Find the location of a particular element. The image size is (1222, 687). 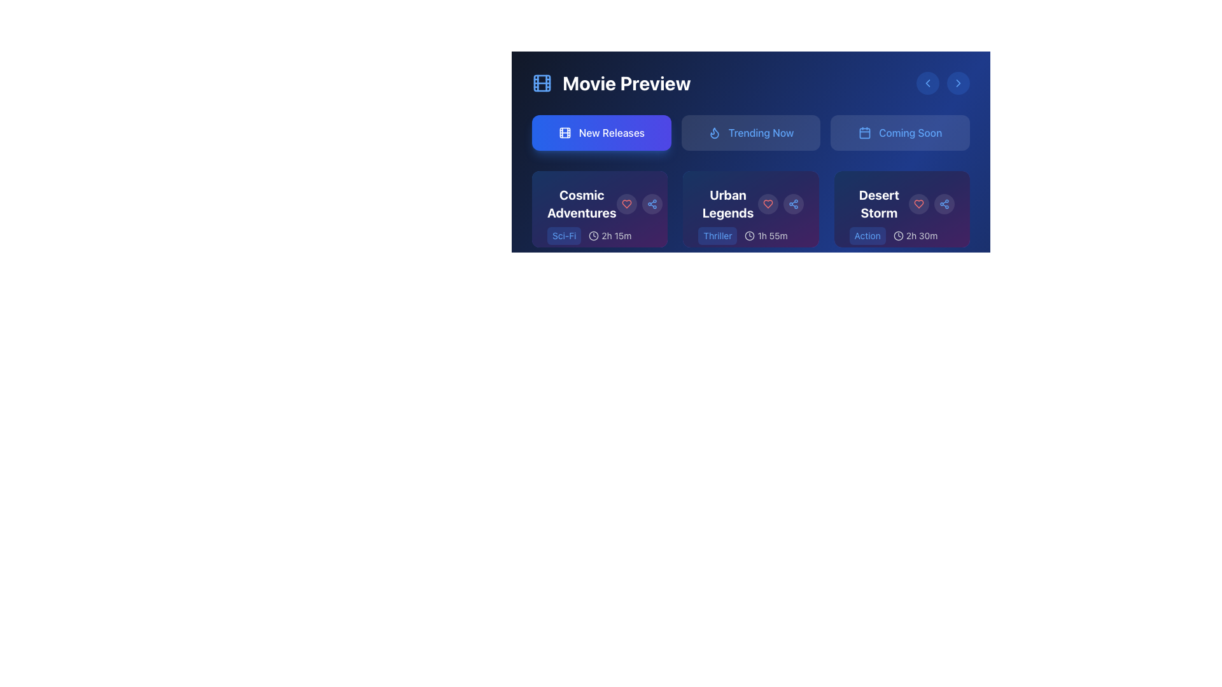

displayed duration text '2 hours and 15 minutes' from the Text label with an accompanying clock icon, located under 'New Releases' and above the 'Sci-Fi' category label is located at coordinates (609, 235).